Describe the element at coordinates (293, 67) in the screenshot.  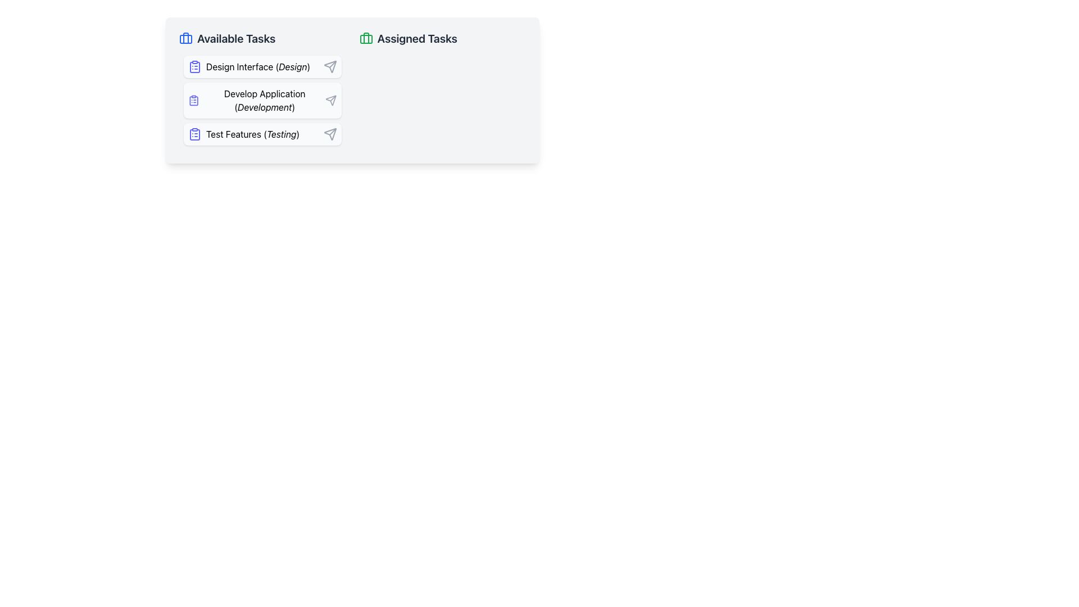
I see `the text label that provides supplemental information for the task titled 'Design Interface' within the 'Available Tasks' list` at that location.